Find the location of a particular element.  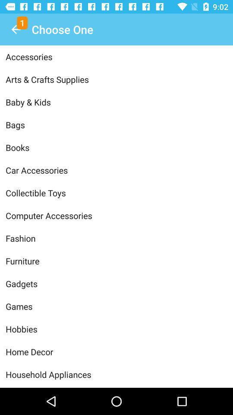

the item above books is located at coordinates (116, 124).